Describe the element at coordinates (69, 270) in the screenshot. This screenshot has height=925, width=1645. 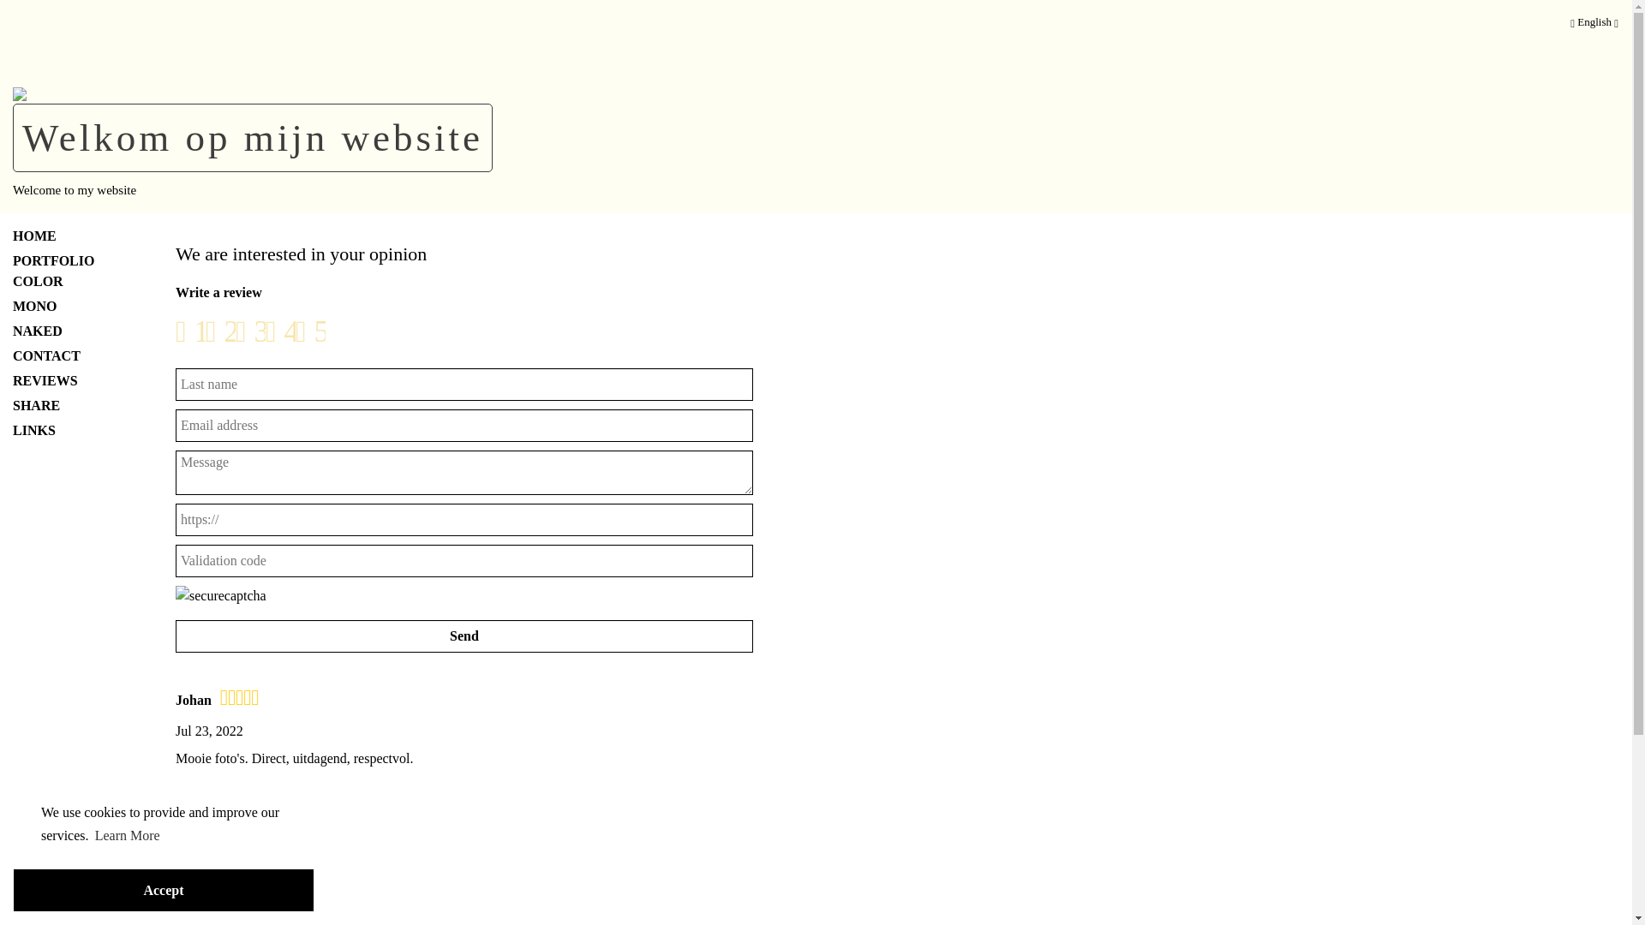
I see `'PORTFOLIO COLOR'` at that location.